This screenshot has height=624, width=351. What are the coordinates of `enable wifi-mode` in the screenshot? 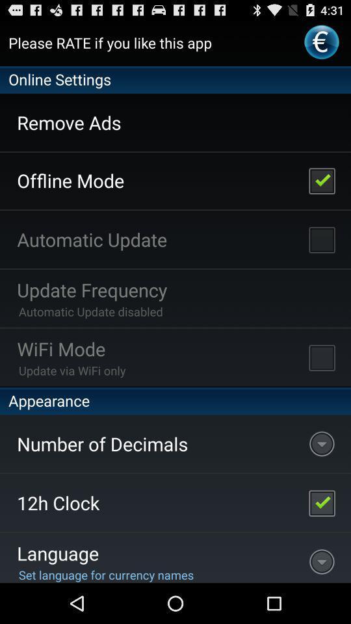 It's located at (321, 357).